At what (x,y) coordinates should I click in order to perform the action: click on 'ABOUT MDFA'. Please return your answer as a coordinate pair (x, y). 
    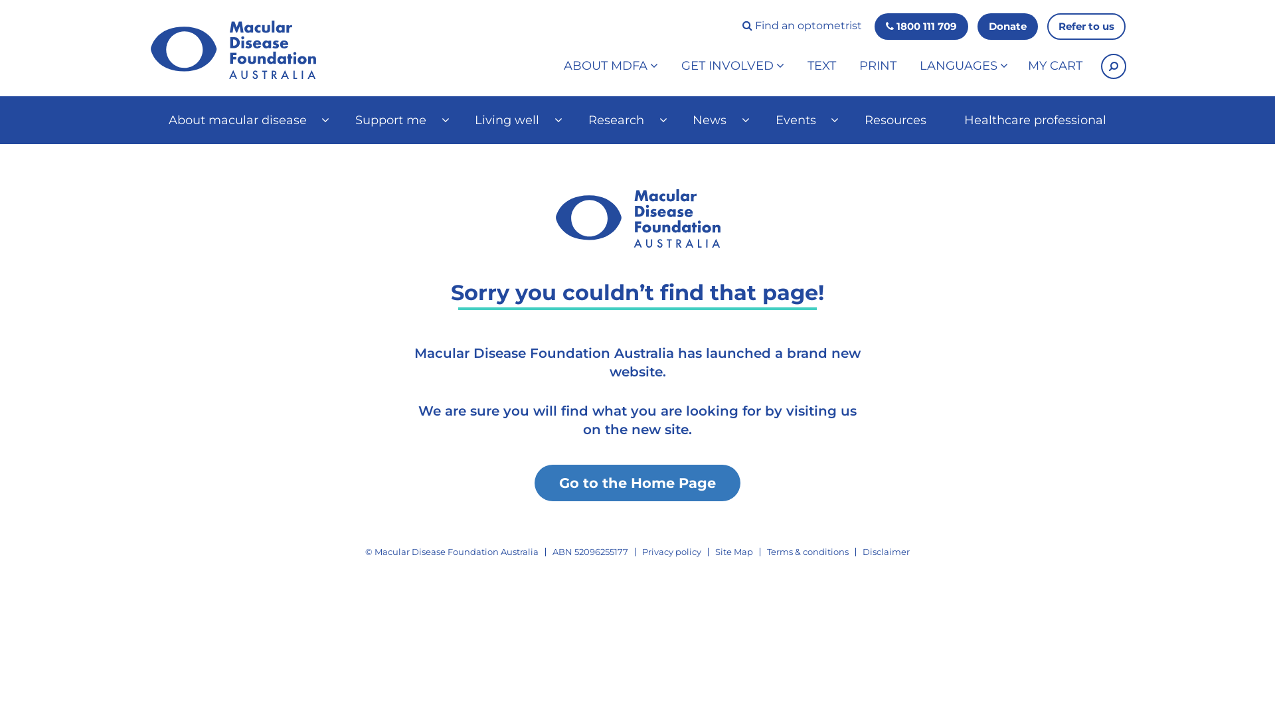
    Looking at the image, I should click on (554, 66).